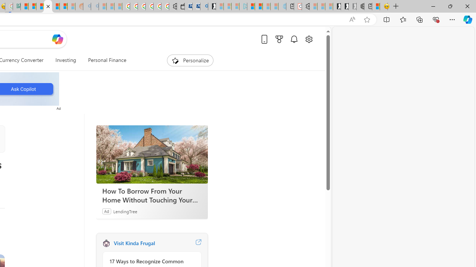 This screenshot has width=476, height=267. Describe the element at coordinates (125, 211) in the screenshot. I see `'LendingTree'` at that location.